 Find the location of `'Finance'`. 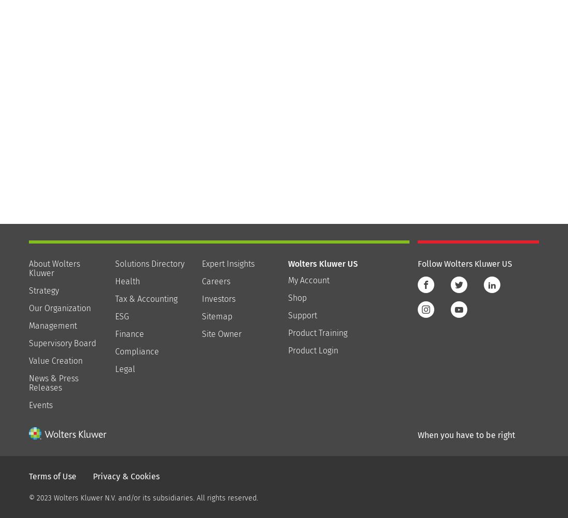

'Finance' is located at coordinates (130, 333).